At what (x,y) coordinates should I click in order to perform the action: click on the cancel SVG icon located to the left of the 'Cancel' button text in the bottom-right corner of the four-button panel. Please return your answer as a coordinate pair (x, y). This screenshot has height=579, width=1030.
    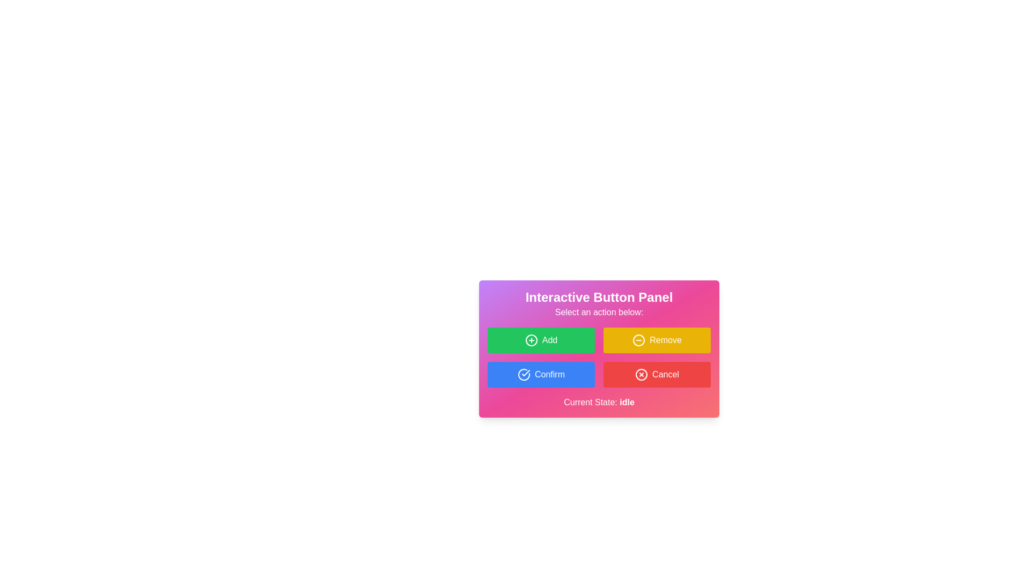
    Looking at the image, I should click on (642, 374).